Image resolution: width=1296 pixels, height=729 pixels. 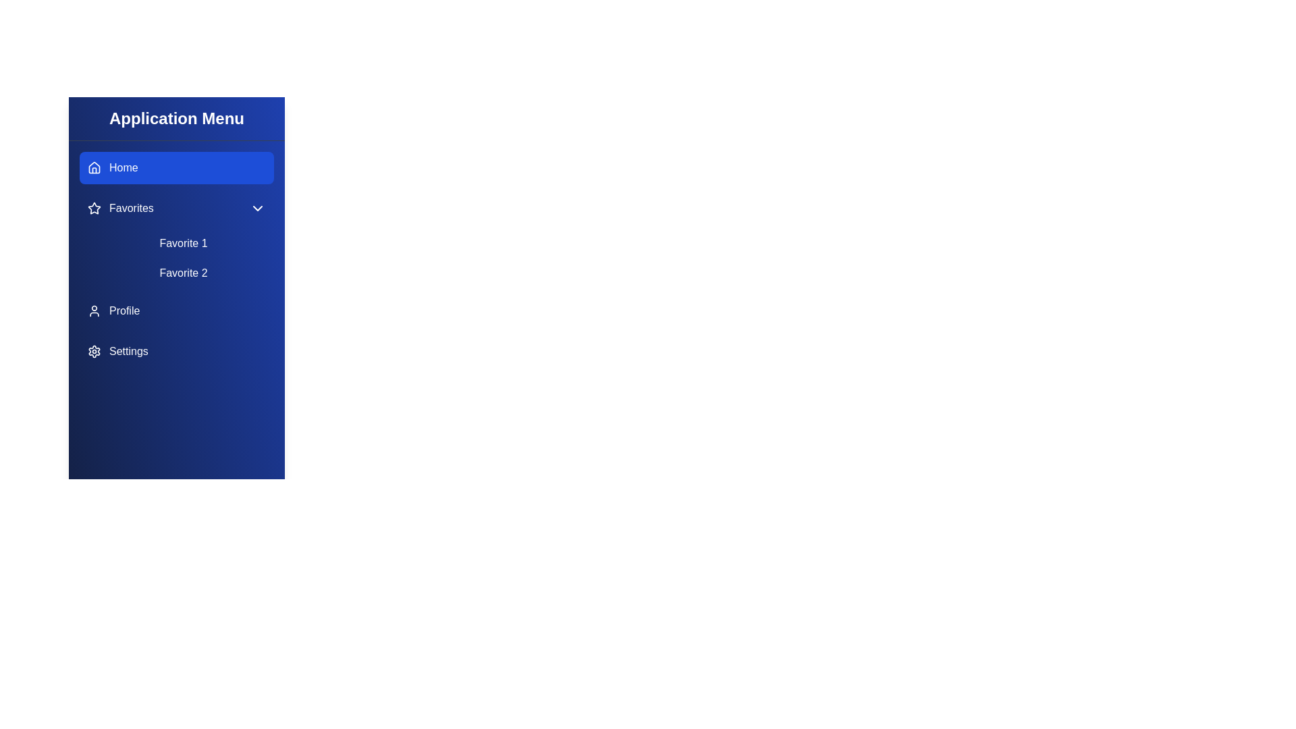 I want to click on the downward-pointing chevron icon located to the far right of the 'Favorites' label in the navigation menu to activate its functionality, so click(x=258, y=208).